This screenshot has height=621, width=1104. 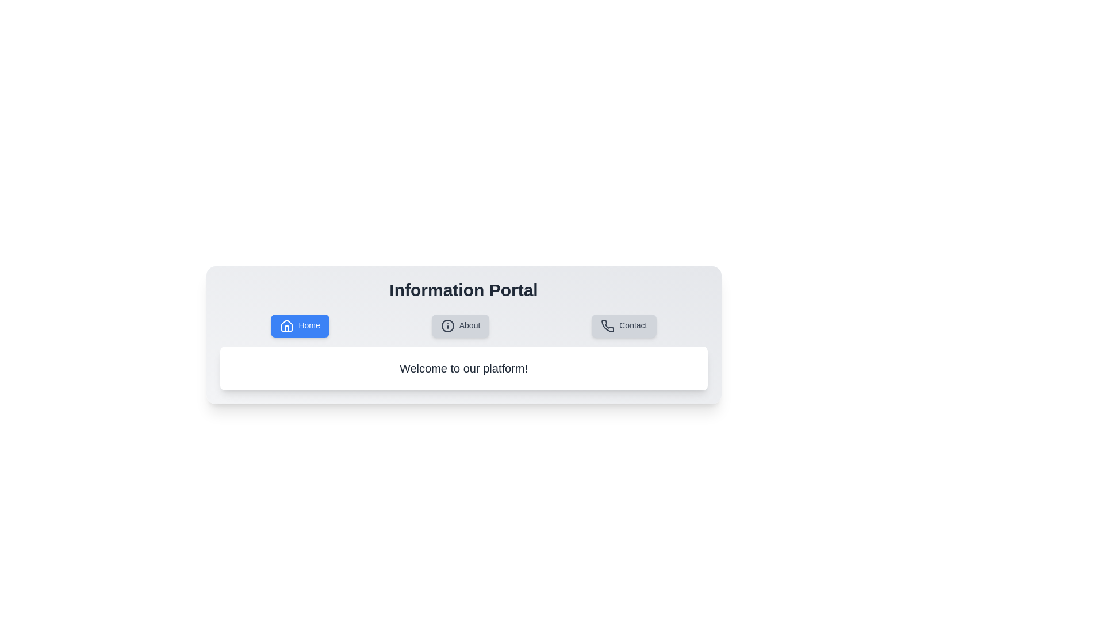 I want to click on the black telephone-shaped icon located within the 'Contact' button at the top of the interface, so click(x=607, y=326).